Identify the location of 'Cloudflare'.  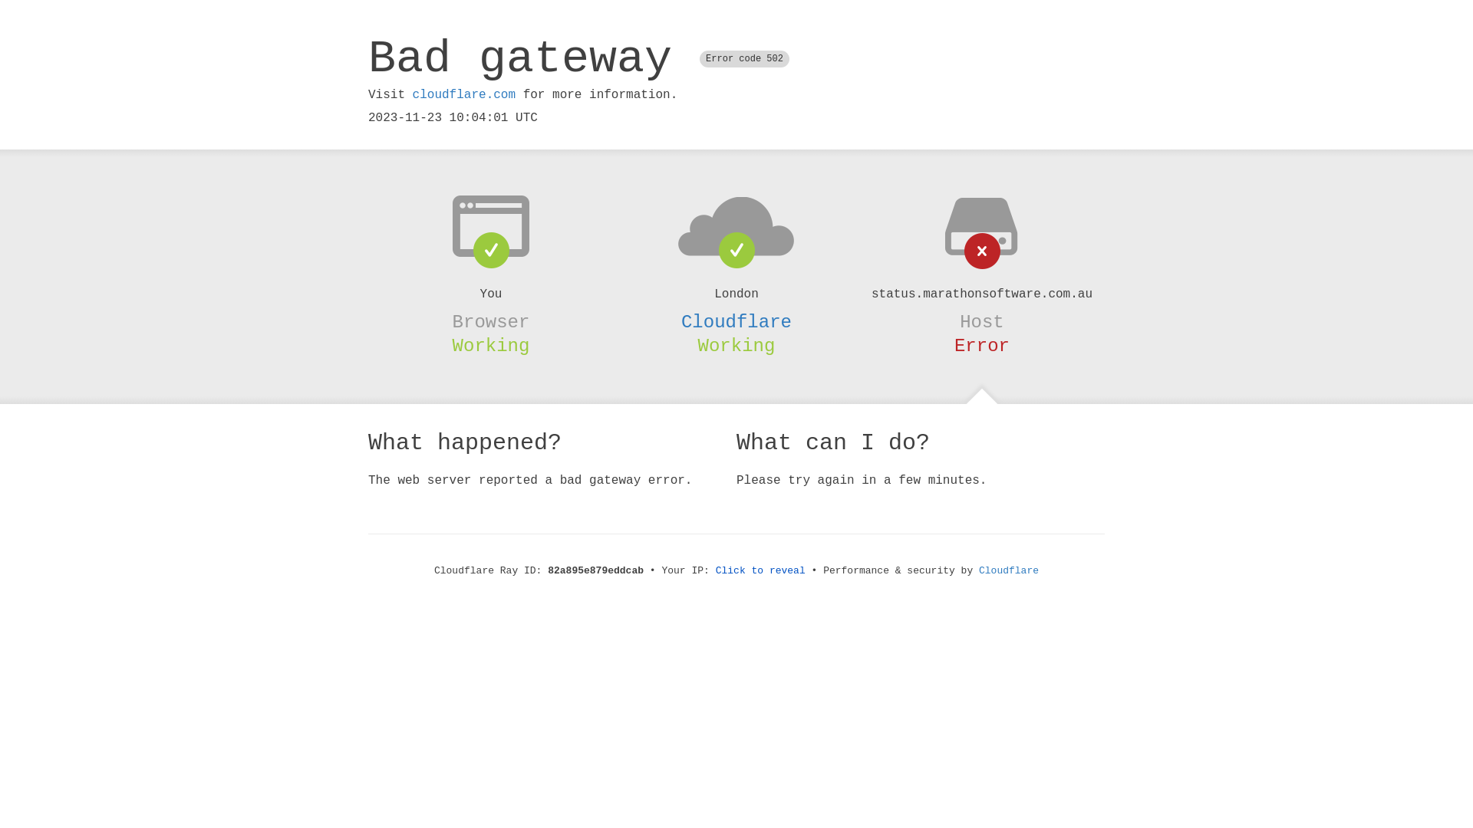
(736, 321).